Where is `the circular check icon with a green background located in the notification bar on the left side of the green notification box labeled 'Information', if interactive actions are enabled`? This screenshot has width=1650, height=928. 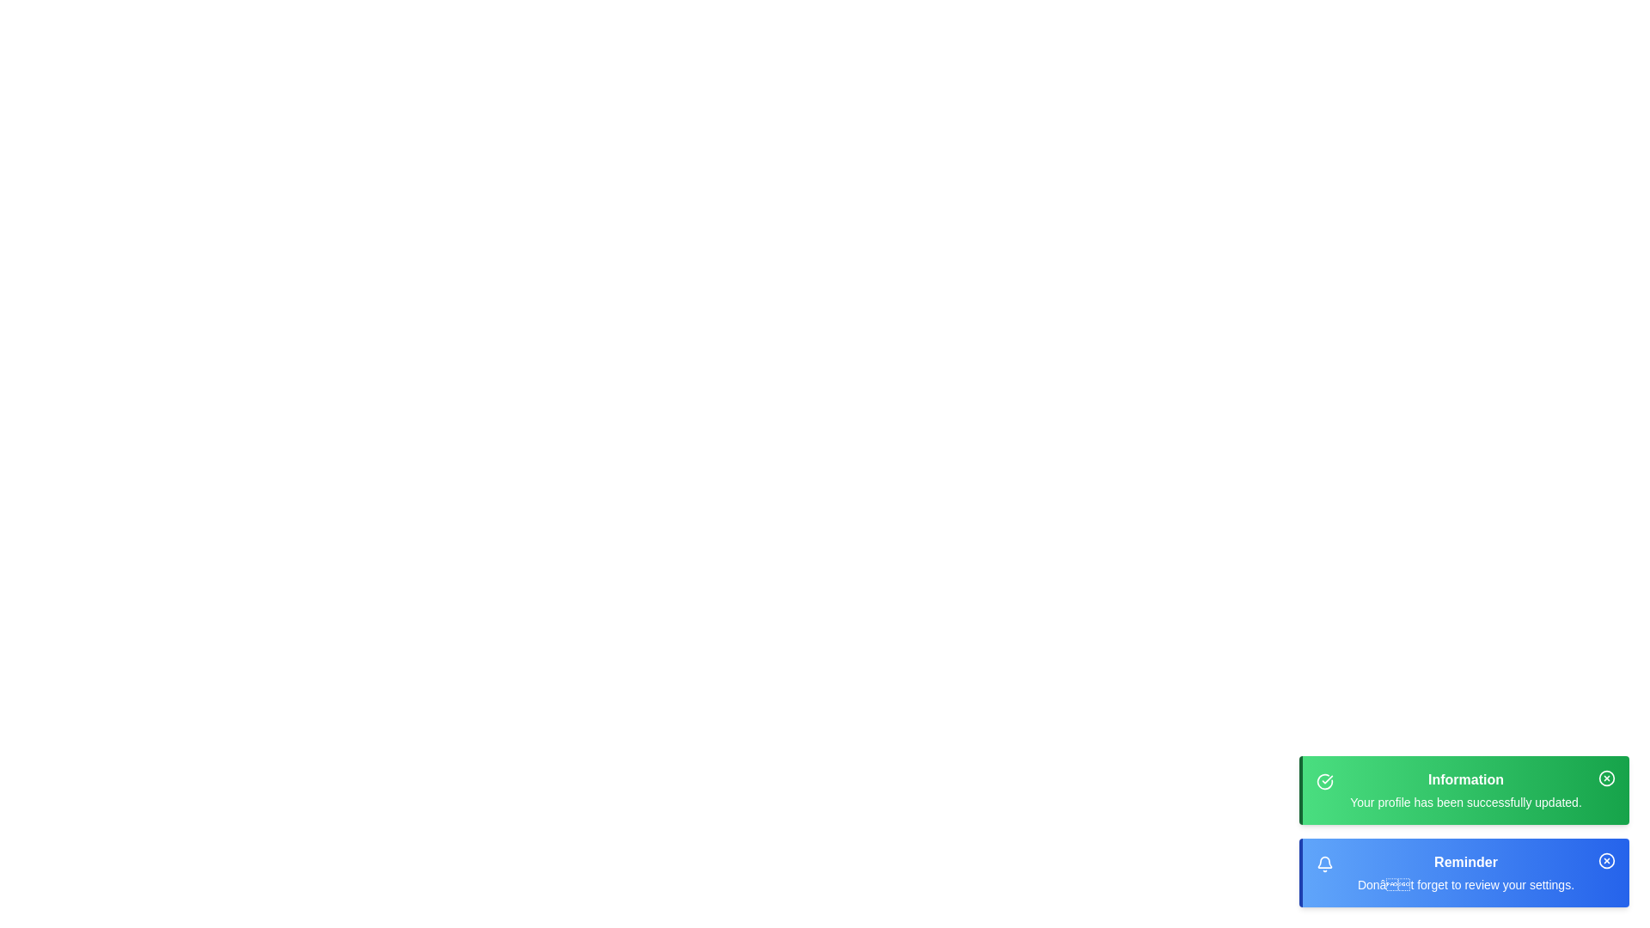
the circular check icon with a green background located in the notification bar on the left side of the green notification box labeled 'Information', if interactive actions are enabled is located at coordinates (1323, 782).